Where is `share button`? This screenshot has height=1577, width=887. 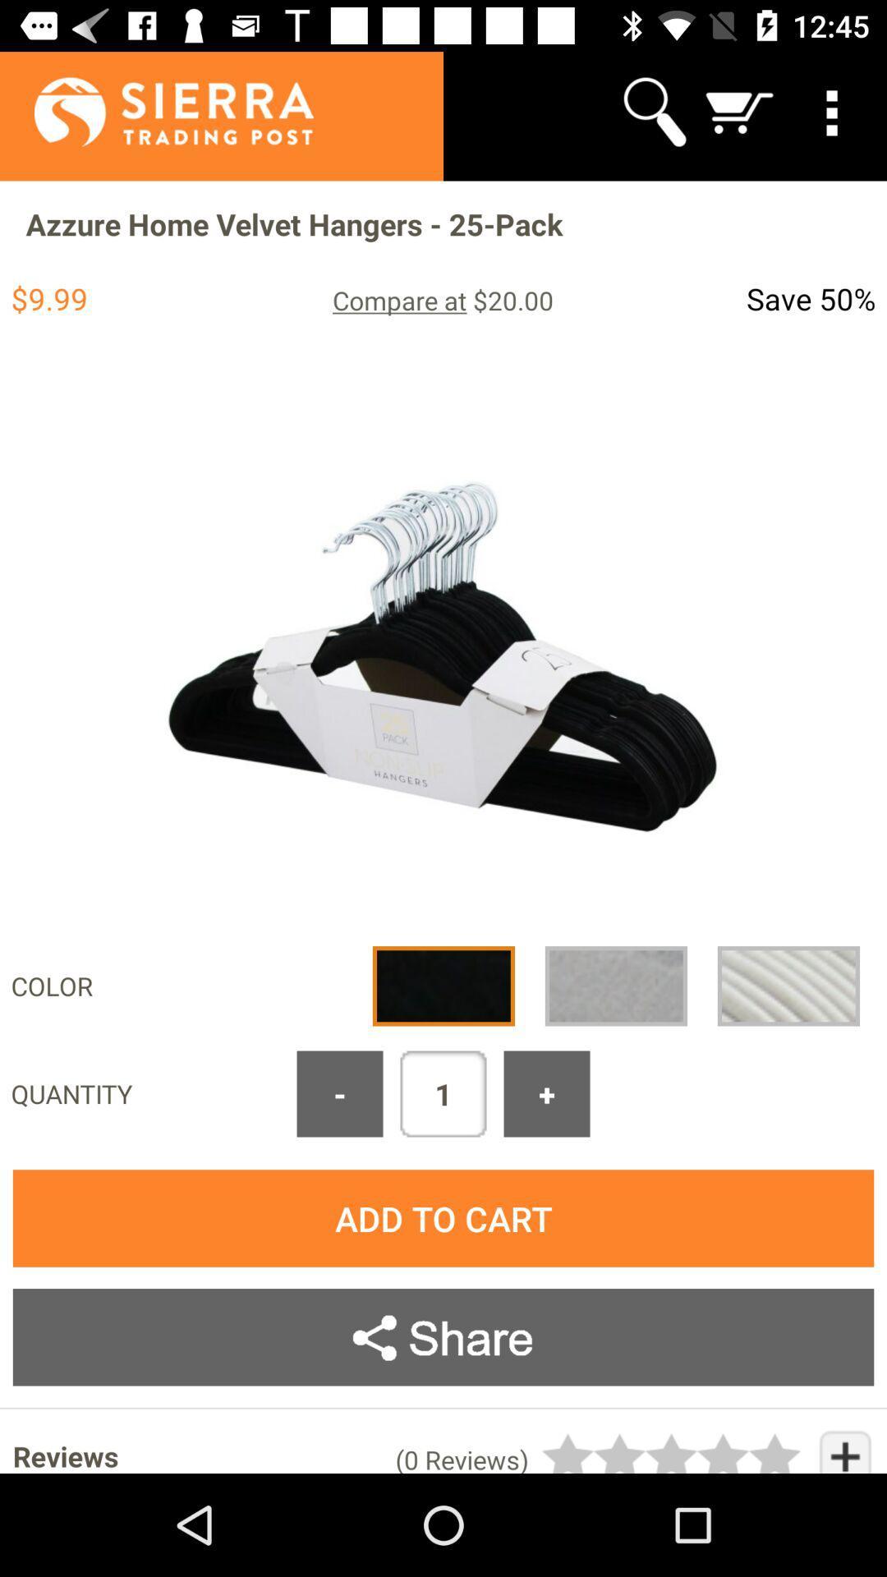 share button is located at coordinates (443, 1337).